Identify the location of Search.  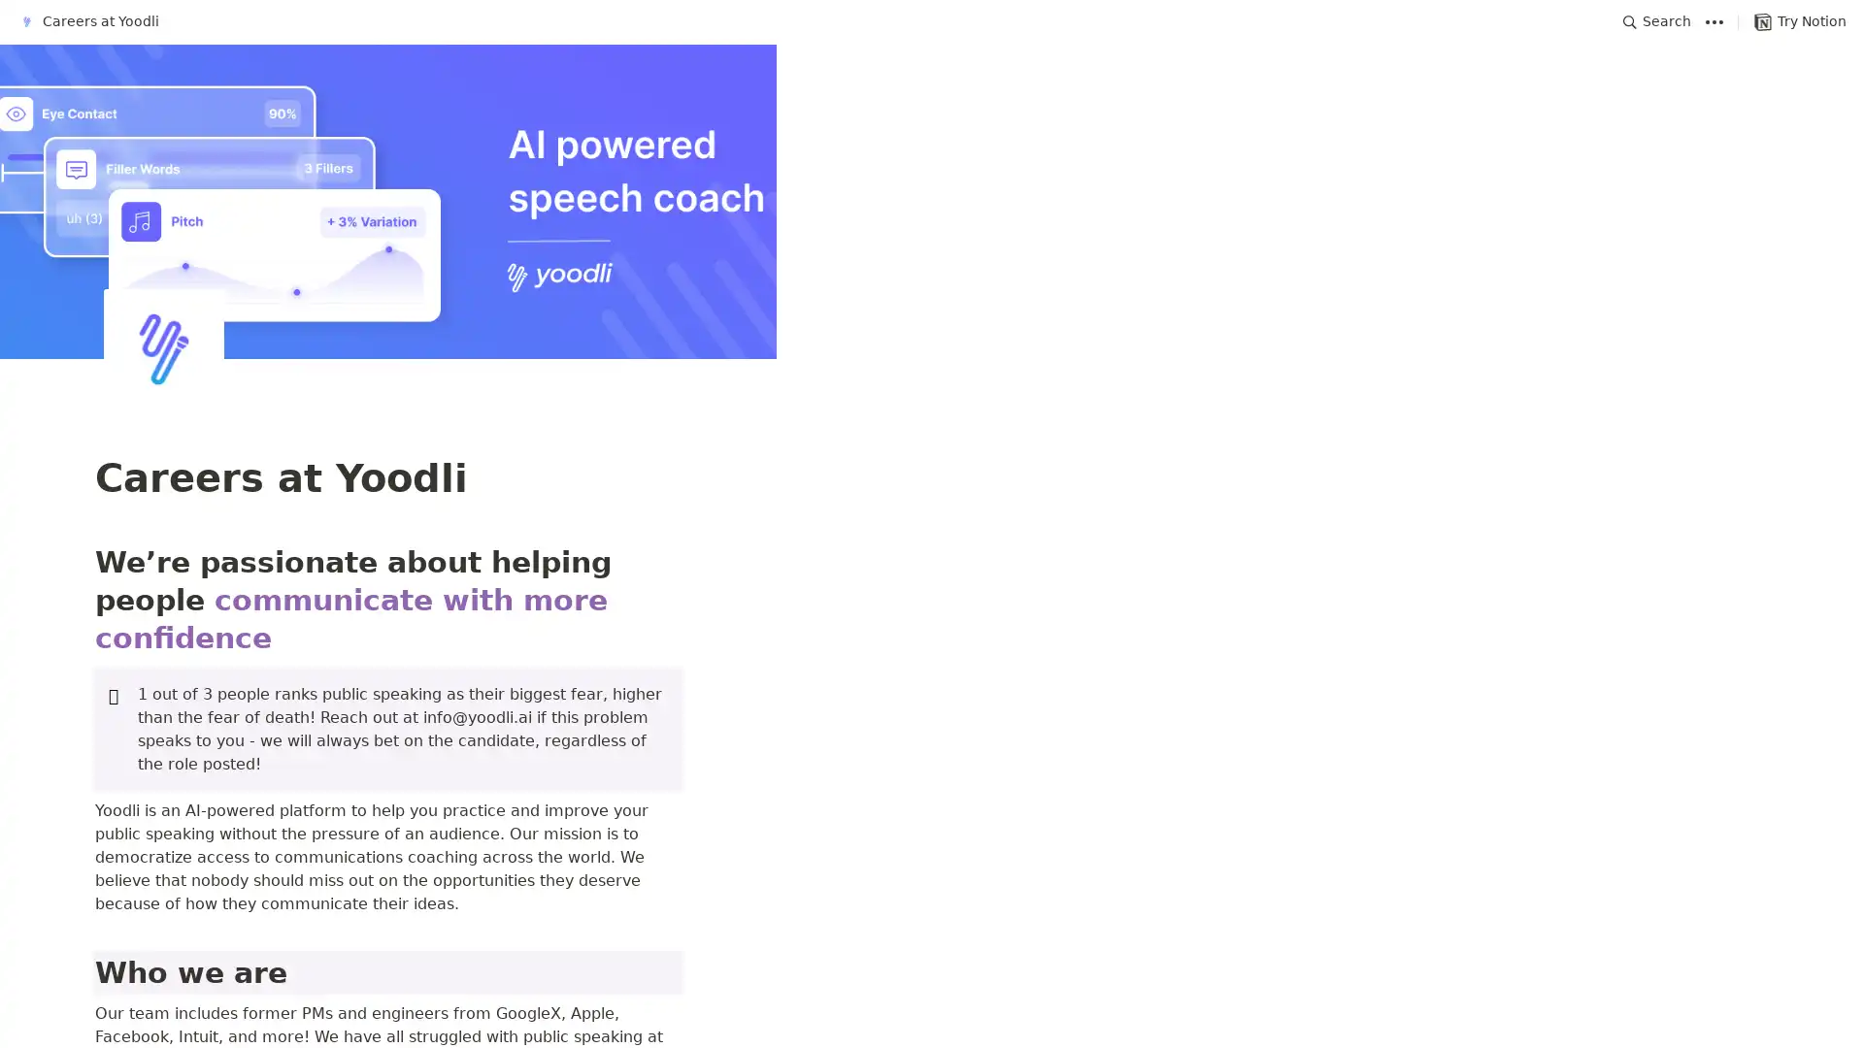
(1656, 21).